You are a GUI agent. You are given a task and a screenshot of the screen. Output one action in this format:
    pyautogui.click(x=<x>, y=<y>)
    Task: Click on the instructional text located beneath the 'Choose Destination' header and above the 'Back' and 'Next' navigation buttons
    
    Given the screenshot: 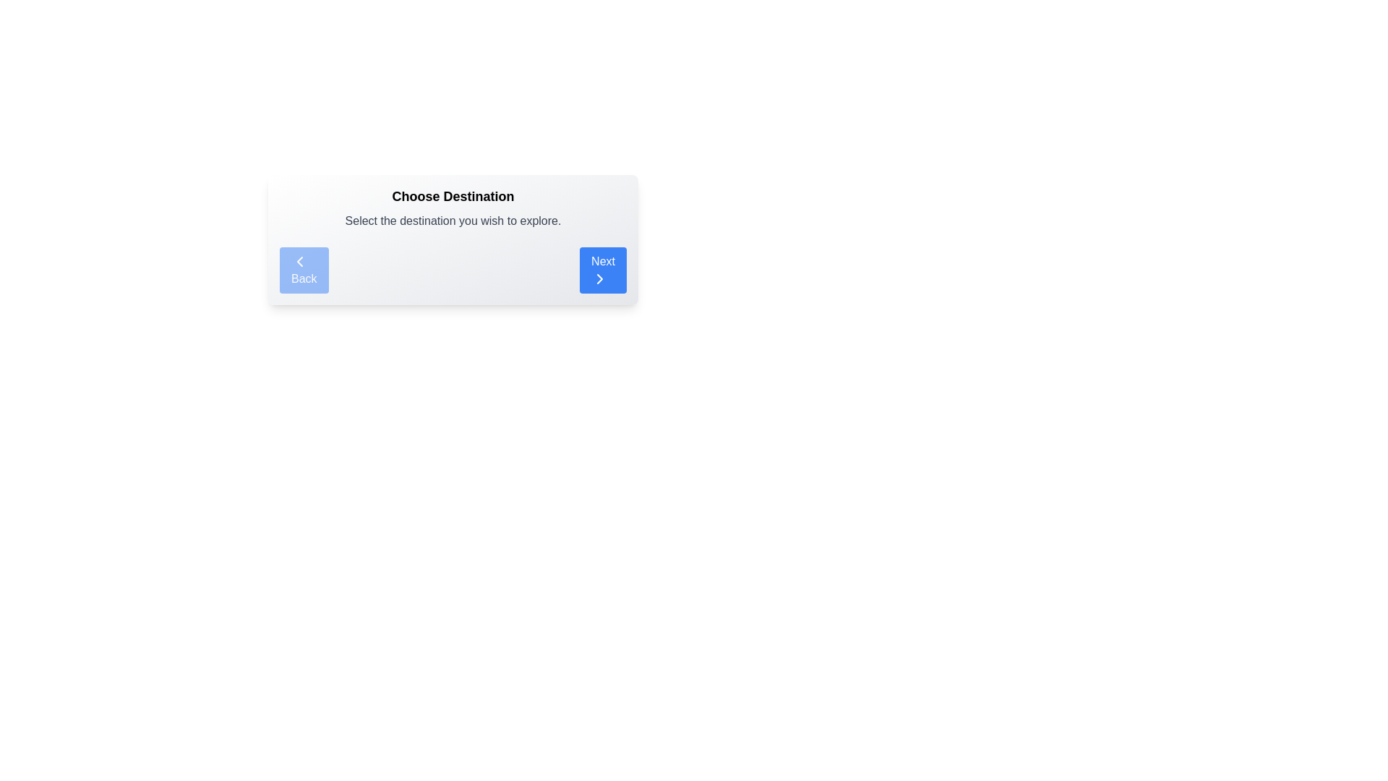 What is the action you would take?
    pyautogui.click(x=453, y=221)
    